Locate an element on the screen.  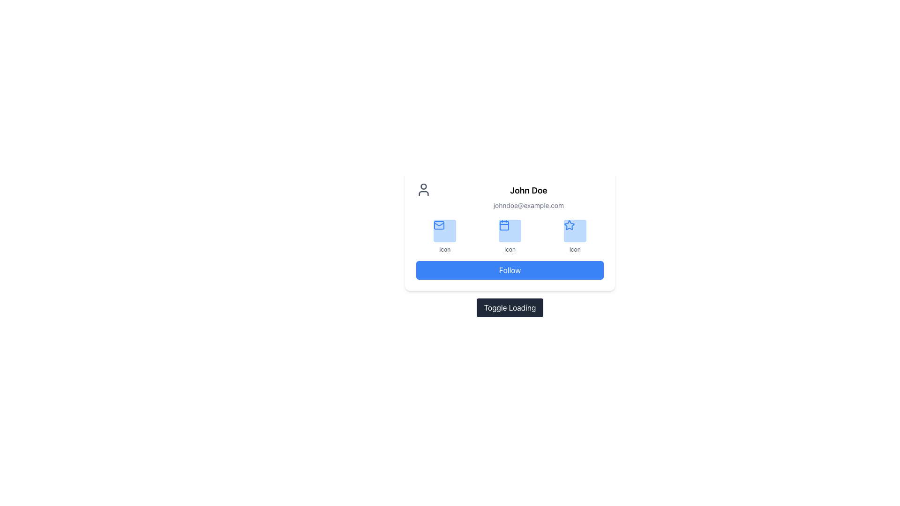
the 'Toggle Loading' button, which is a button-like component with white text on a dark gray background, located directly below the 'Follow' button and centered in the layout is located at coordinates (510, 307).